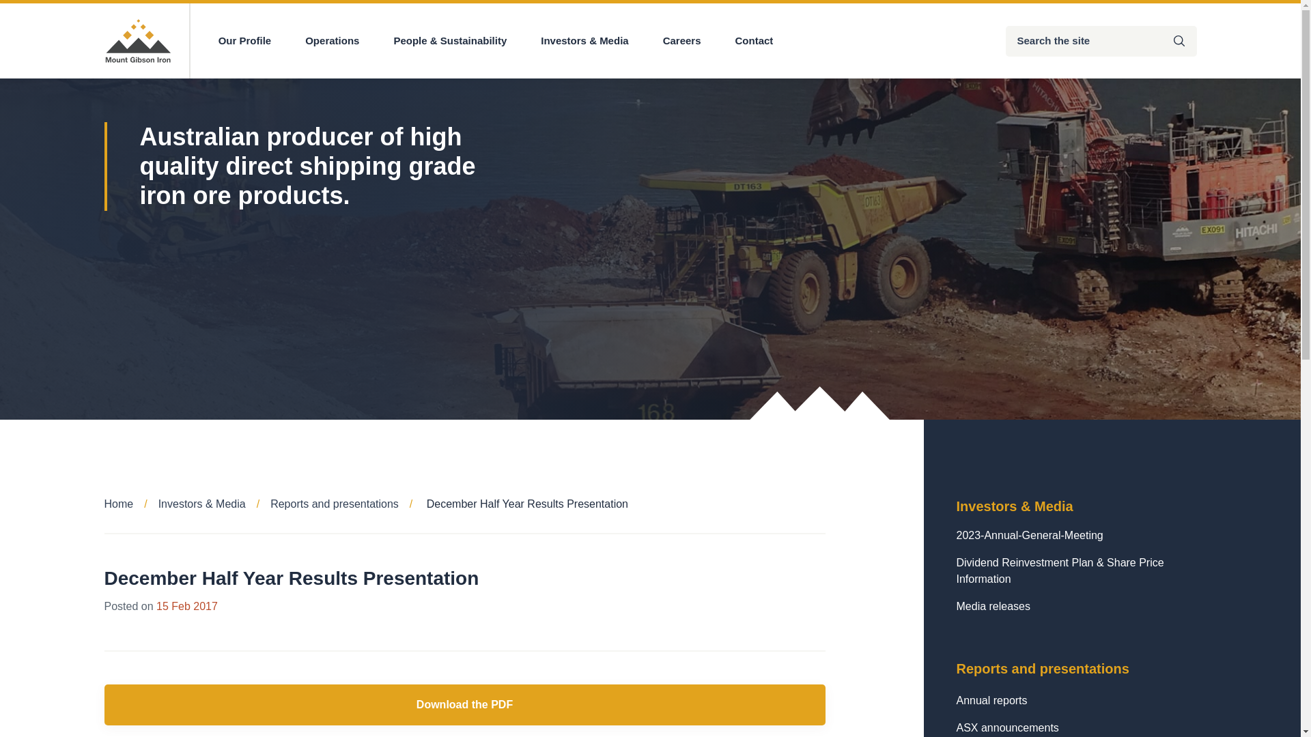 This screenshot has width=1311, height=737. Describe the element at coordinates (332, 40) in the screenshot. I see `'Operations'` at that location.